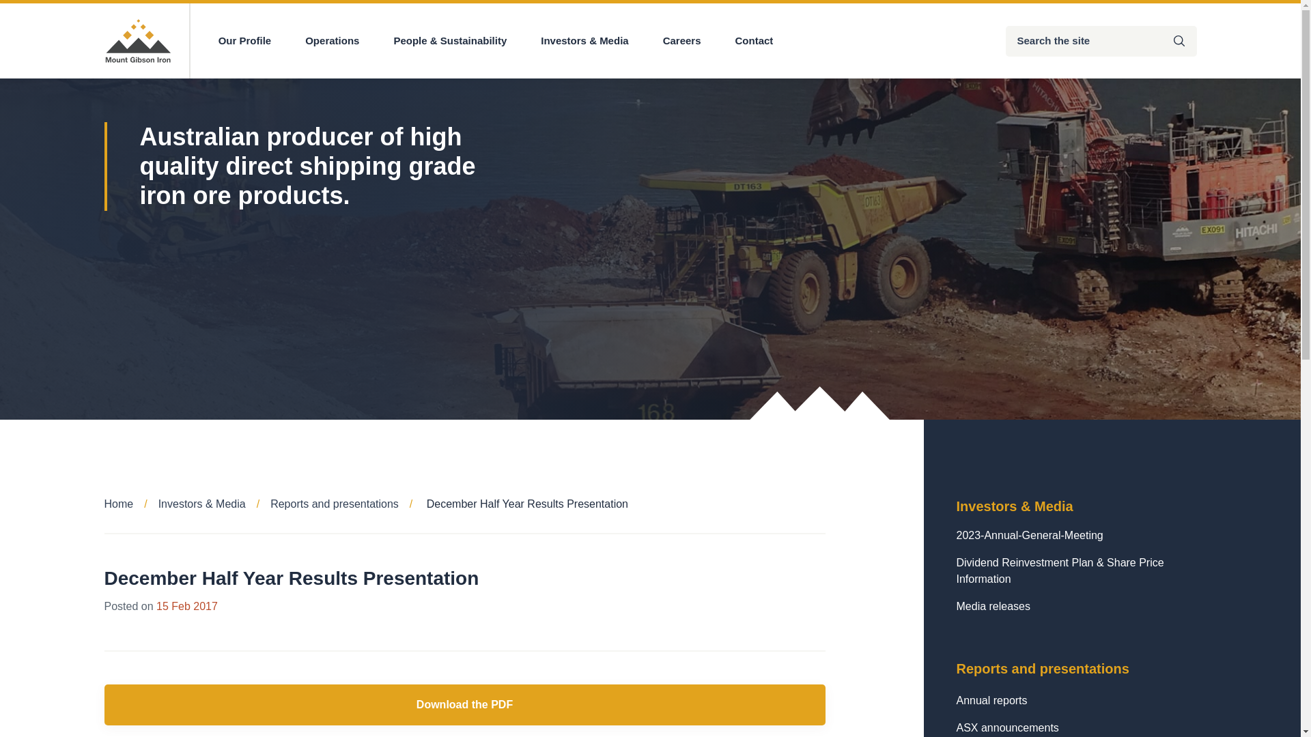 This screenshot has width=1311, height=737. Describe the element at coordinates (332, 40) in the screenshot. I see `'Operations'` at that location.